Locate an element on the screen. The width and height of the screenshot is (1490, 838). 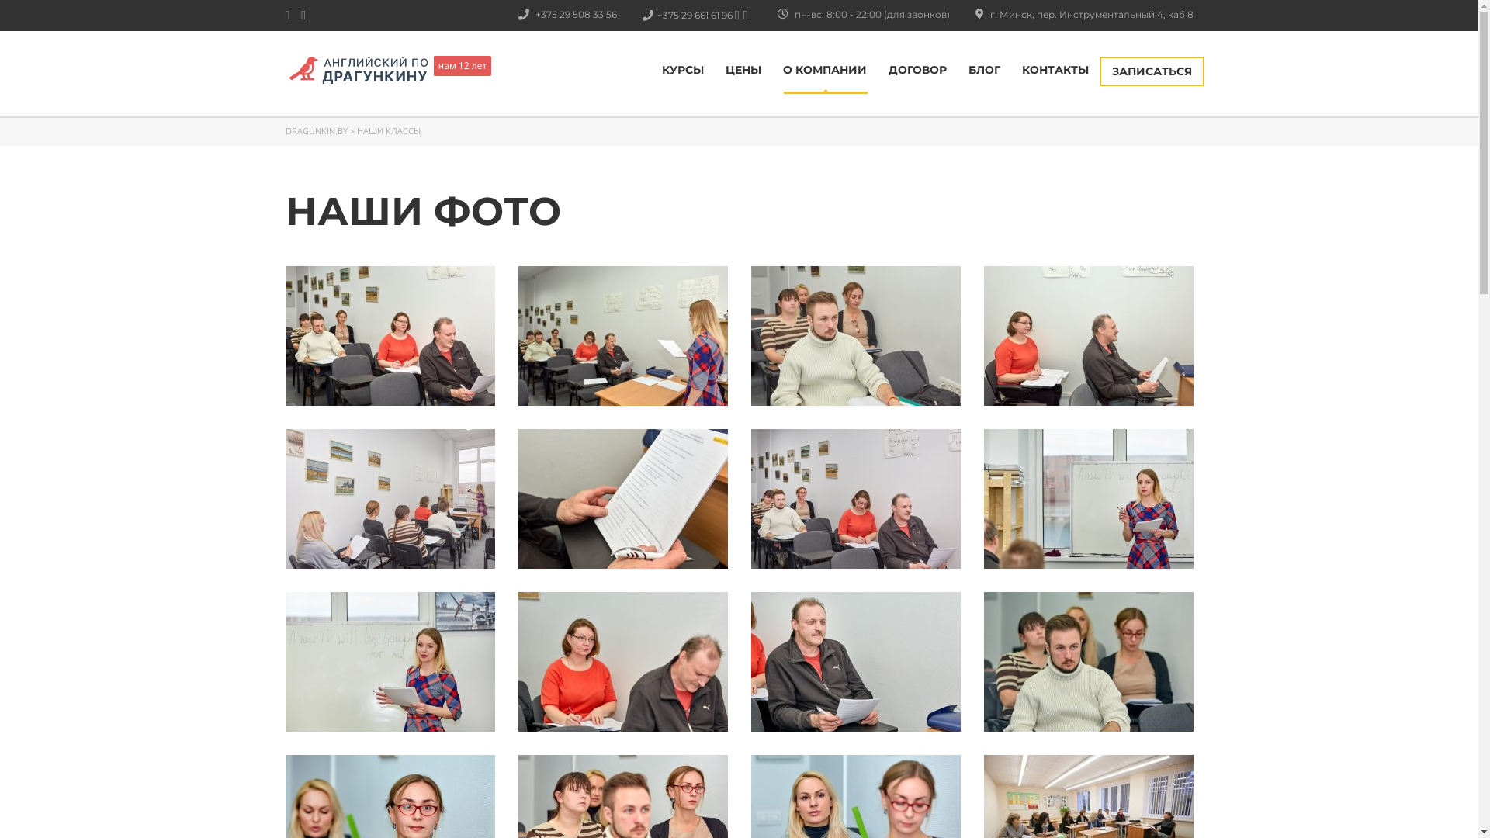
'+375 29 508 33 56' is located at coordinates (547, 13).